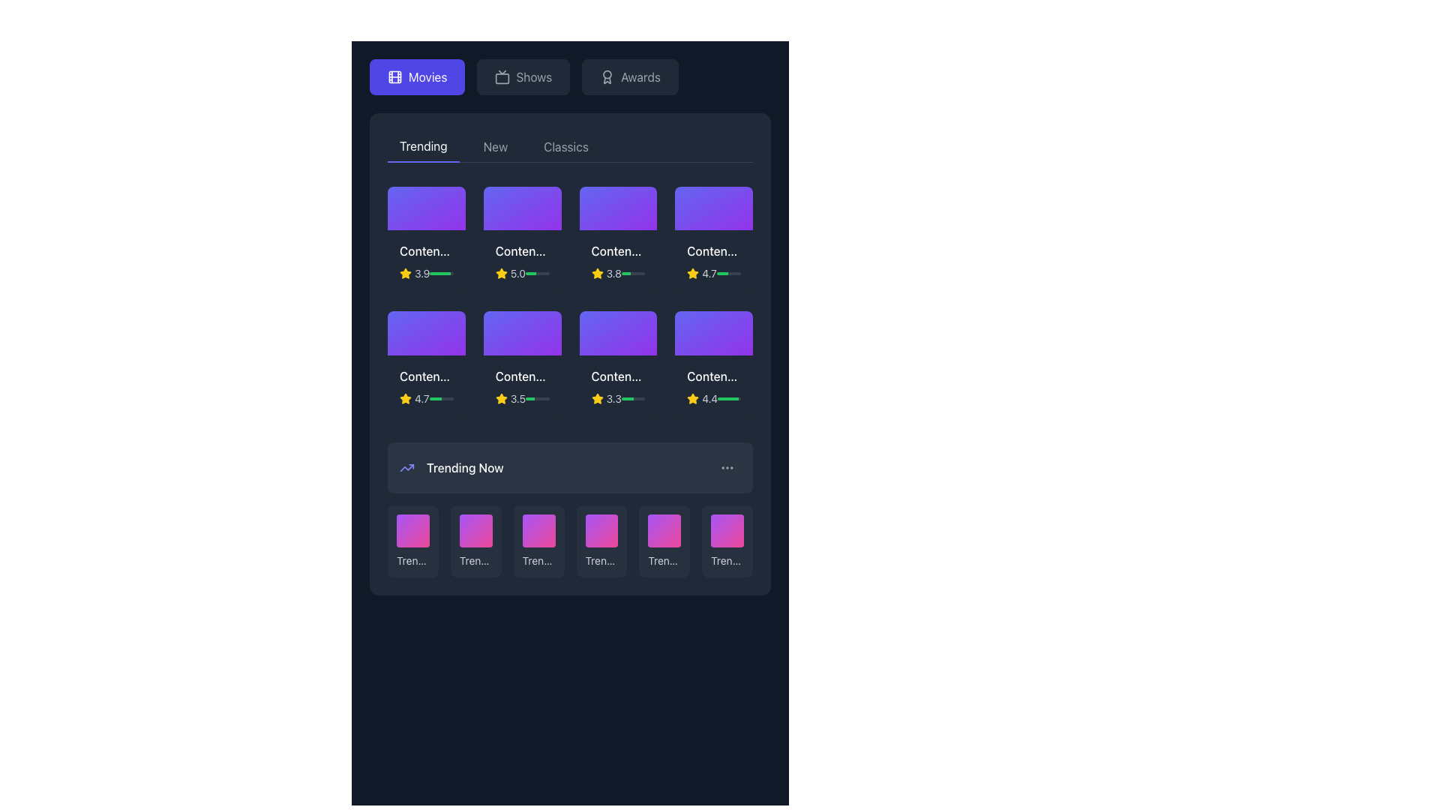  Describe the element at coordinates (501, 274) in the screenshot. I see `the golden rating star icon located to the left of the numeric rating value '5.0', which visually represents a positive rating for the associated content item` at that location.